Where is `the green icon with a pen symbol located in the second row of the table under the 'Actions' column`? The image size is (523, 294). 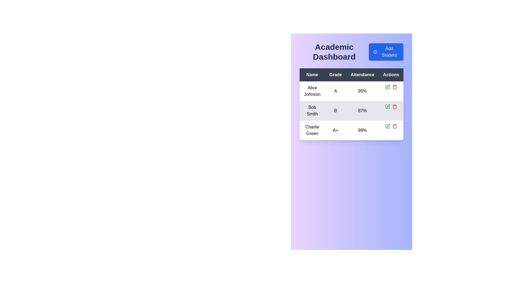 the green icon with a pen symbol located in the second row of the table under the 'Actions' column is located at coordinates (388, 86).